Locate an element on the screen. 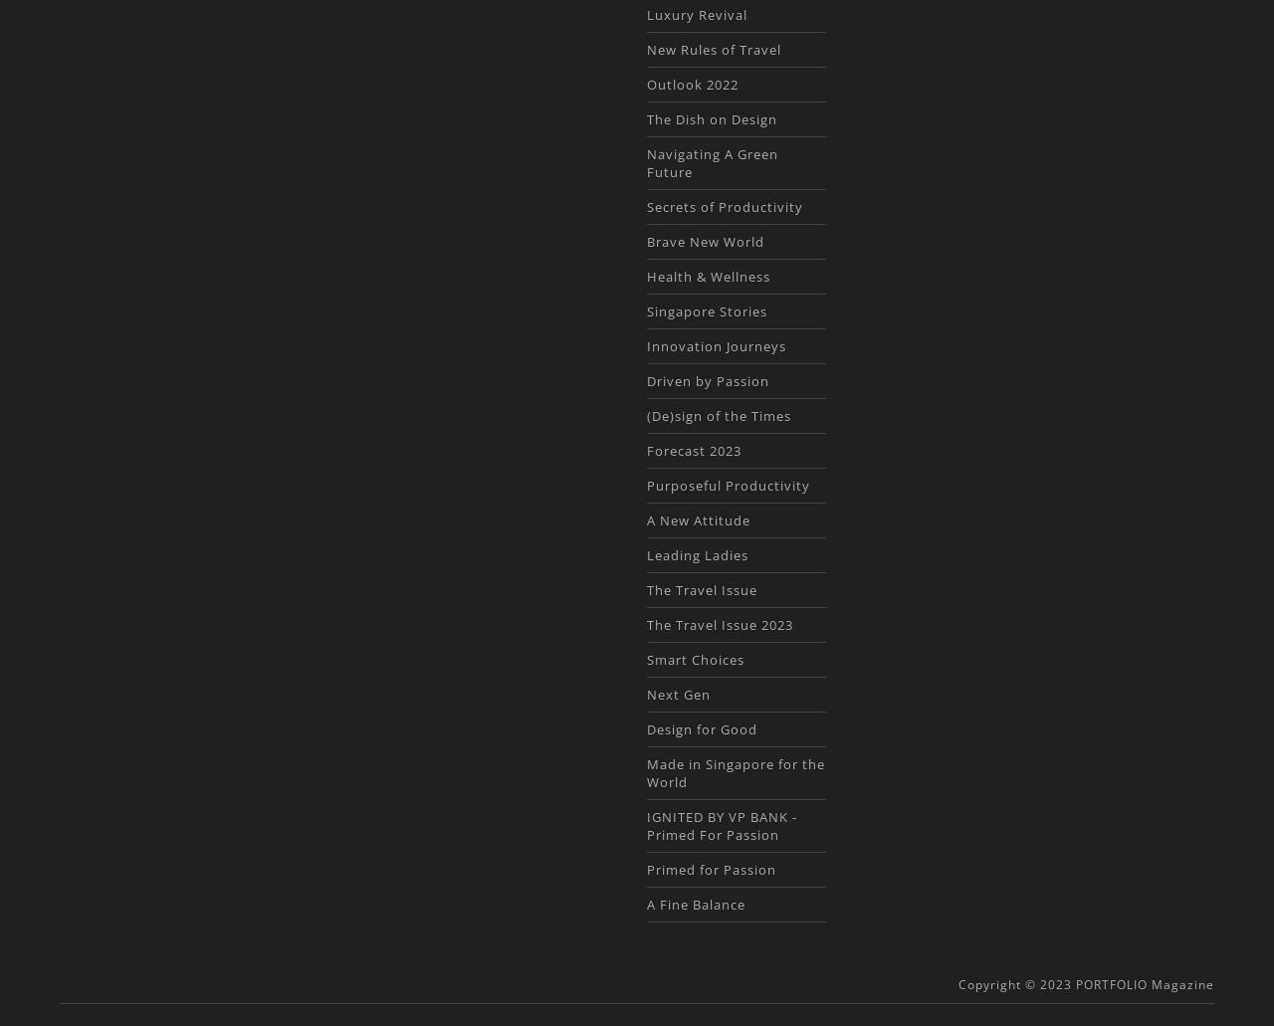  'Luxury Revival' is located at coordinates (696, 14).